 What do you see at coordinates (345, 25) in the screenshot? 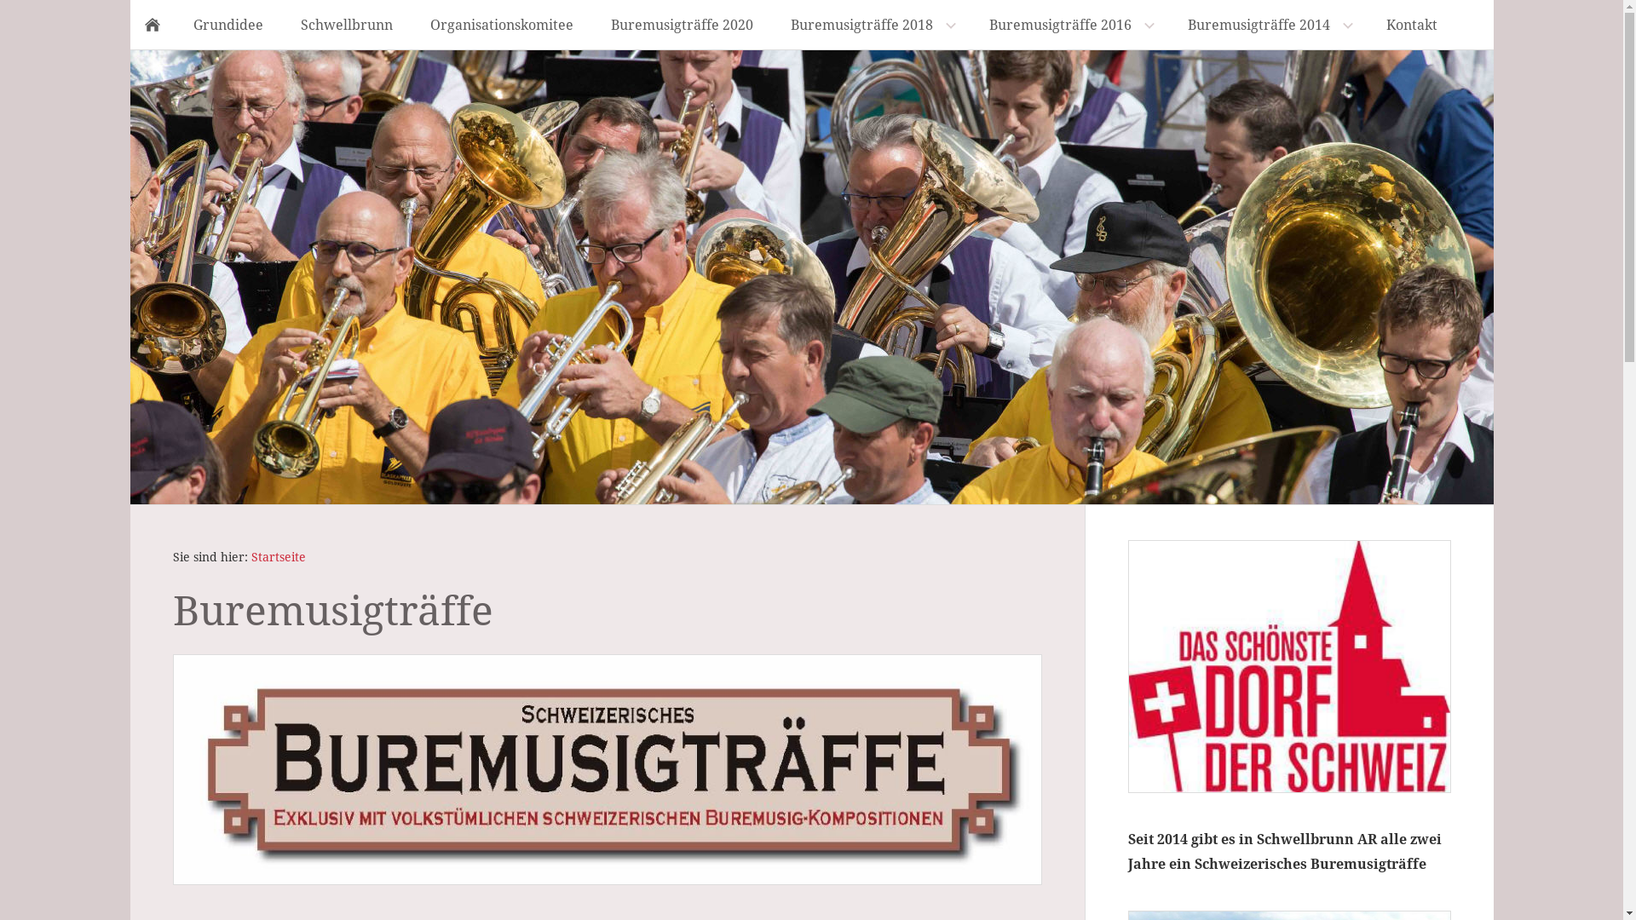
I see `'Schwellbrunn'` at bounding box center [345, 25].